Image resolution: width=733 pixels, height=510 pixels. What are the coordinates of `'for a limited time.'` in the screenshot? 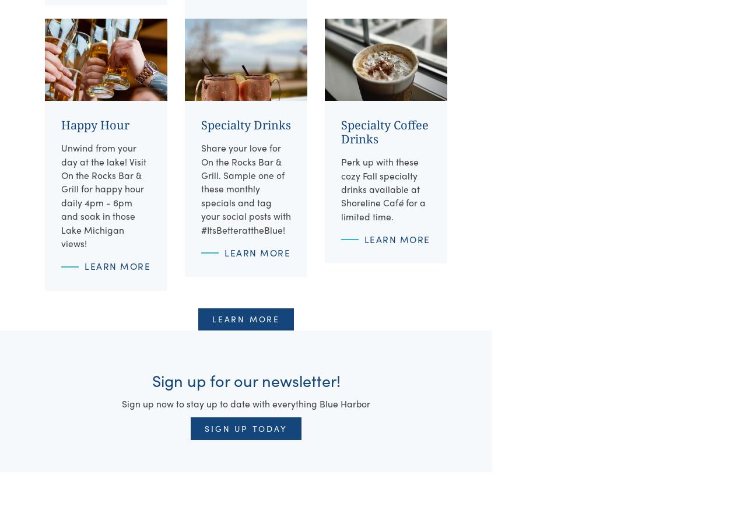 It's located at (382, 209).